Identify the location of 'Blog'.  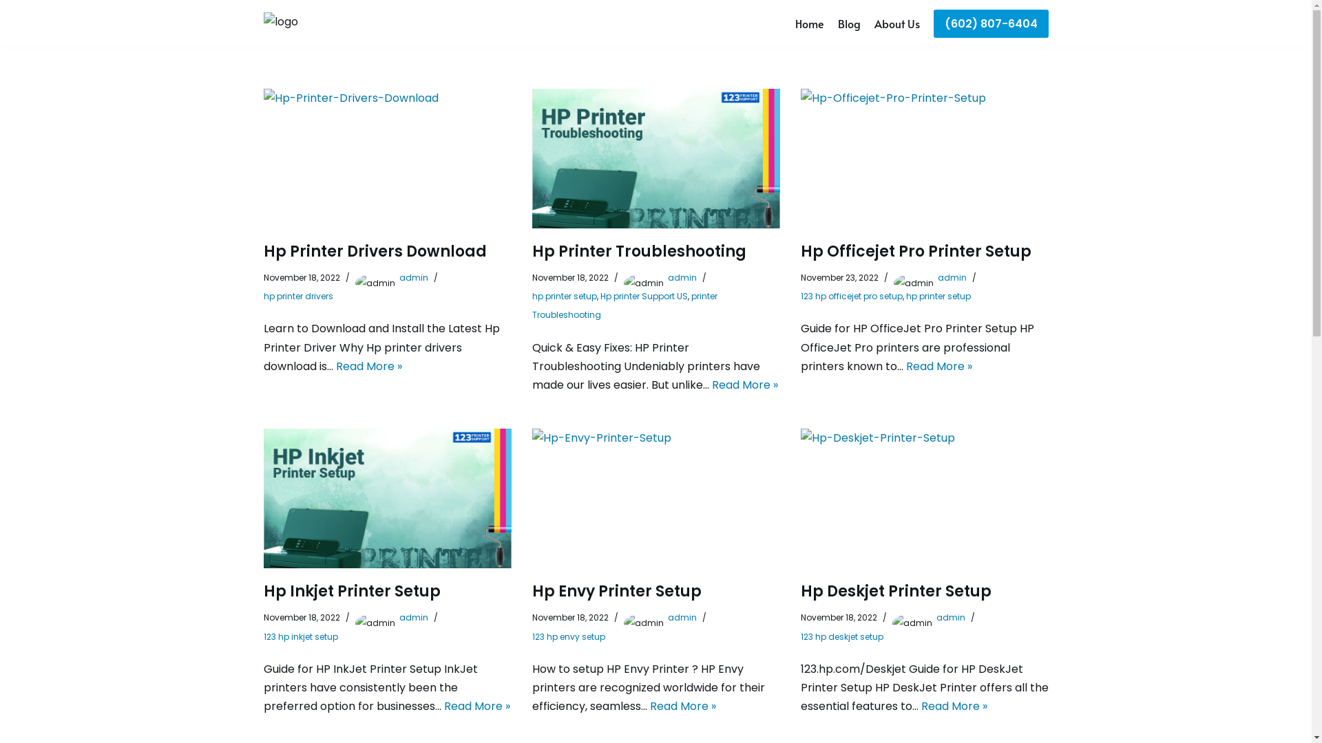
(848, 23).